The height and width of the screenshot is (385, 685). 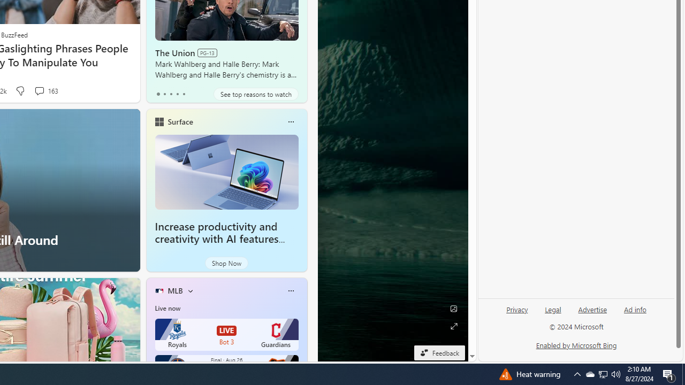 I want to click on 'tab-2', so click(x=171, y=94).